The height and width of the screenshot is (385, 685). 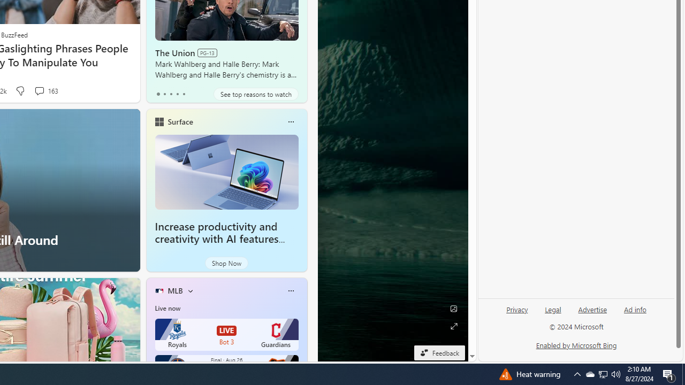 I want to click on 'tab-2', so click(x=171, y=94).